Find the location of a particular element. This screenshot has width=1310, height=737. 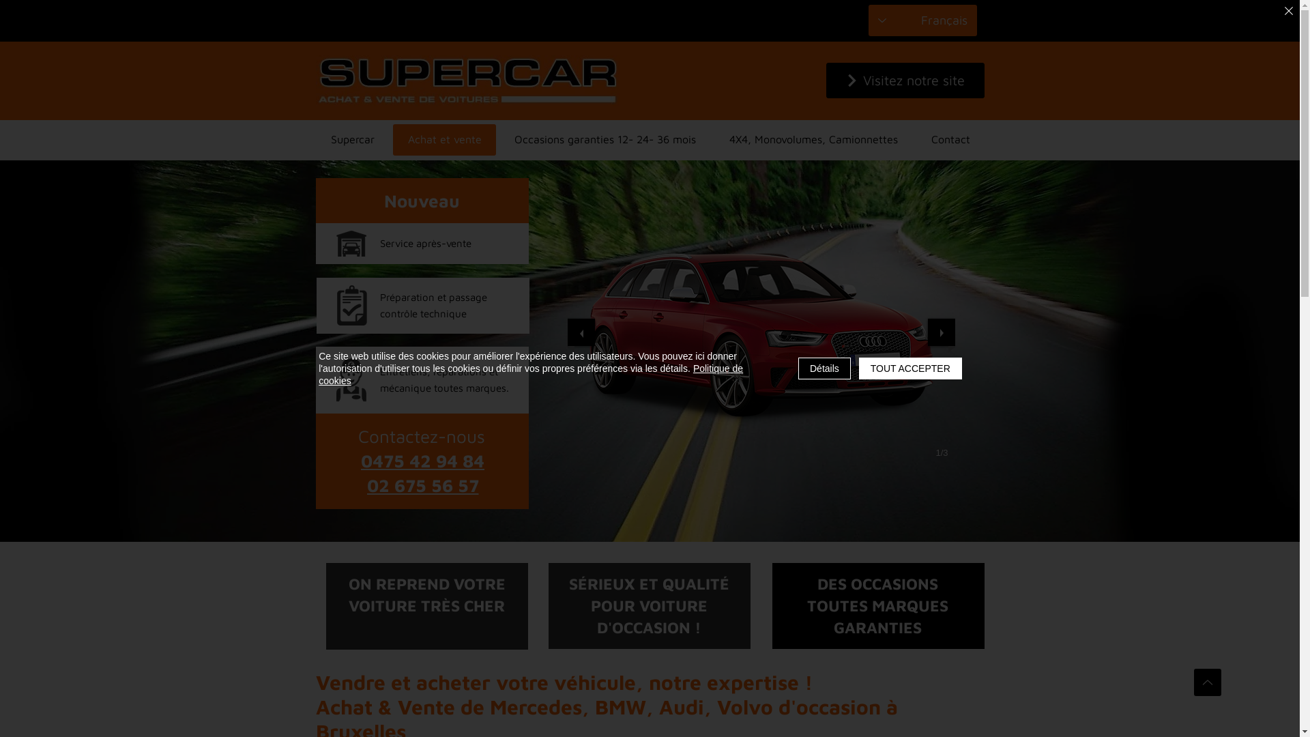

'Visitez notre site' is located at coordinates (904, 81).